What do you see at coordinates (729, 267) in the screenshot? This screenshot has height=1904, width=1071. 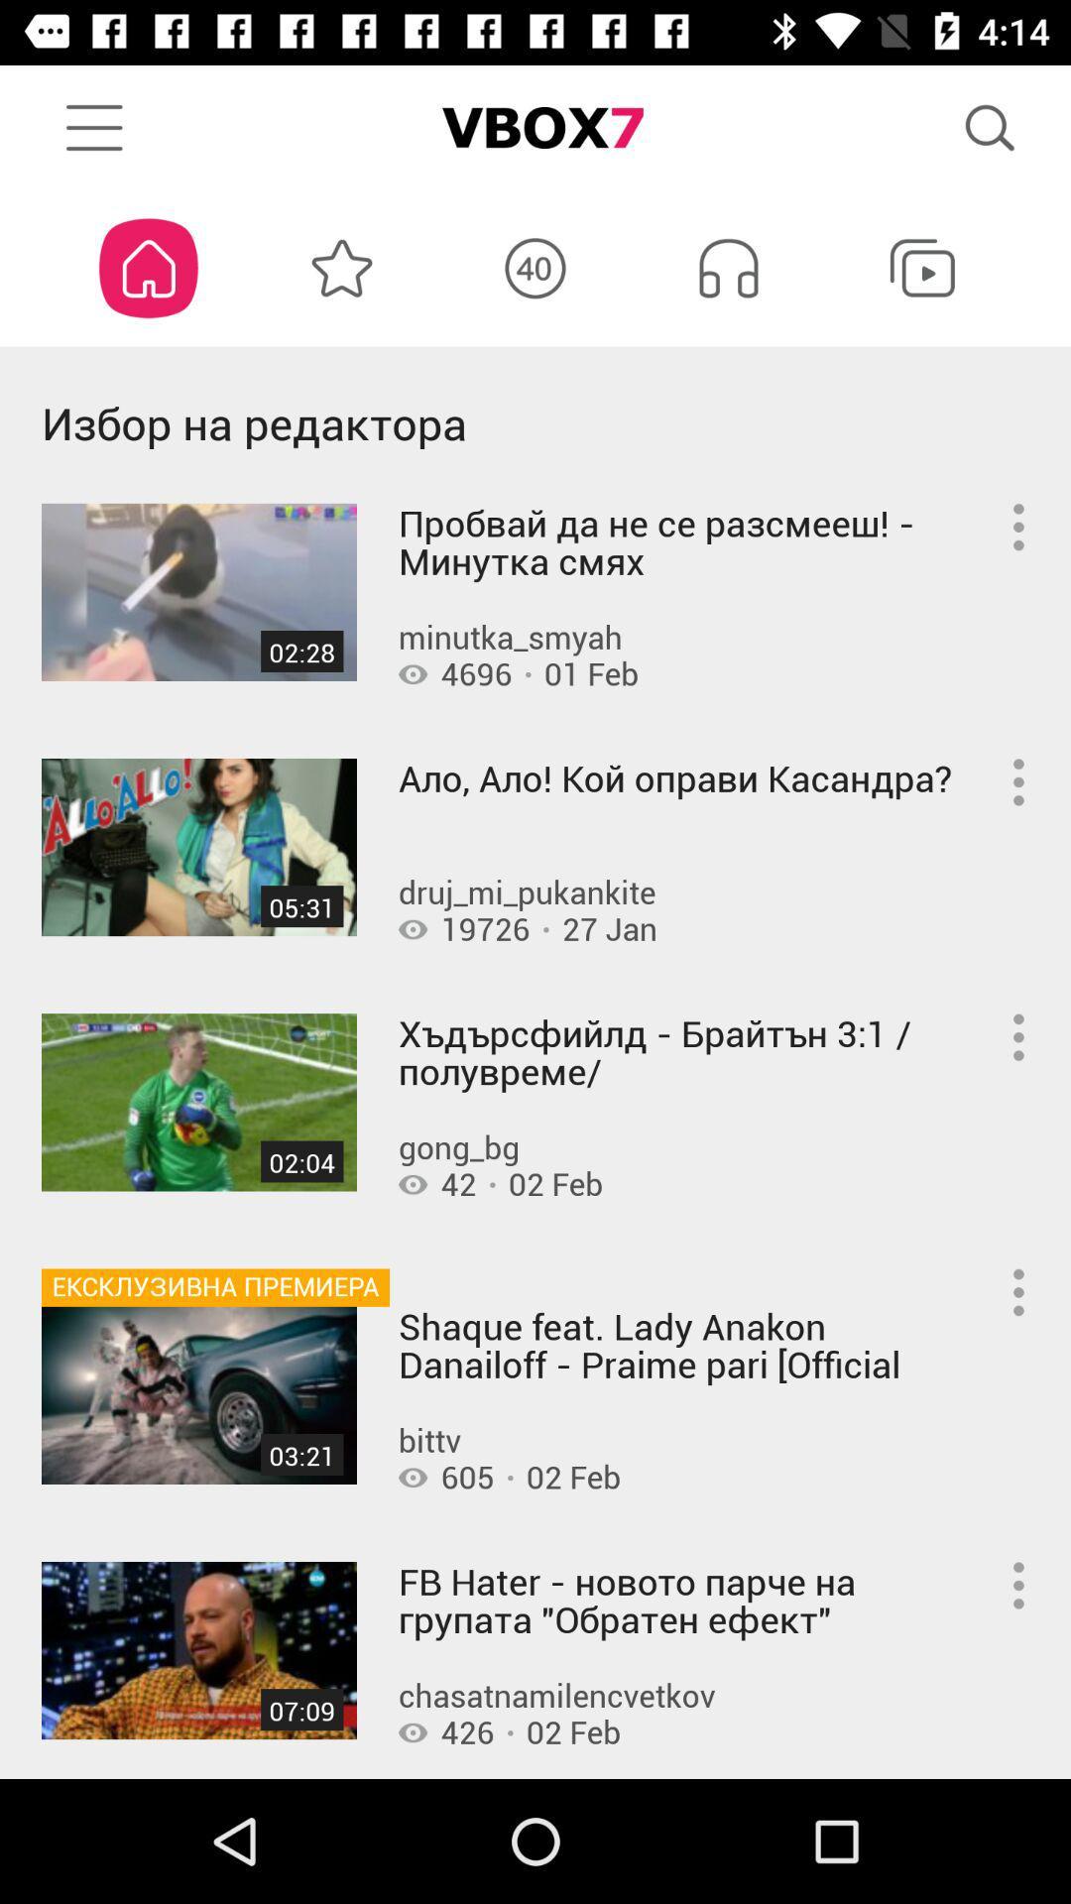 I see `the music symbol icon` at bounding box center [729, 267].